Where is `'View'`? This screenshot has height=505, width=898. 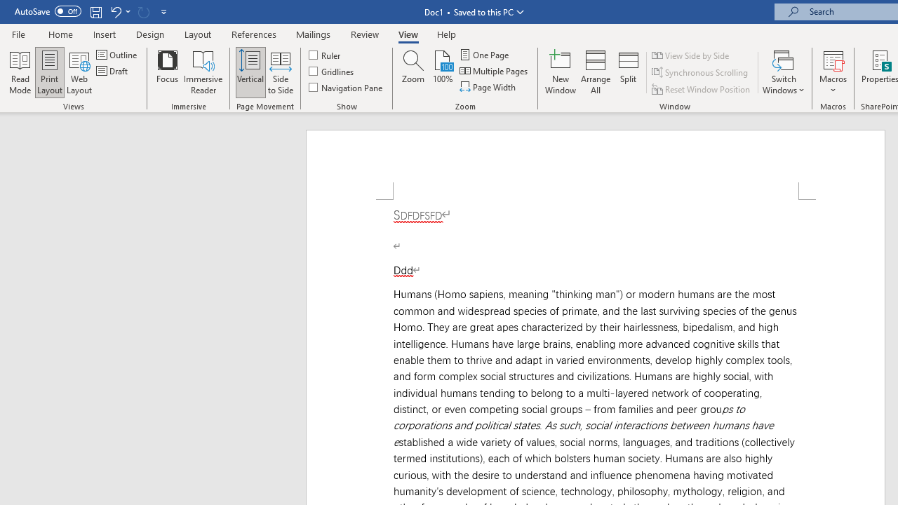 'View' is located at coordinates (408, 34).